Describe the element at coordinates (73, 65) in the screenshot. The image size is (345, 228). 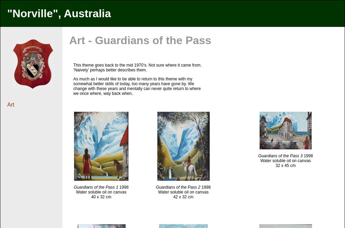
I see `'This theme goes back to the mid 1970’s. Not sure where it came from.'` at that location.